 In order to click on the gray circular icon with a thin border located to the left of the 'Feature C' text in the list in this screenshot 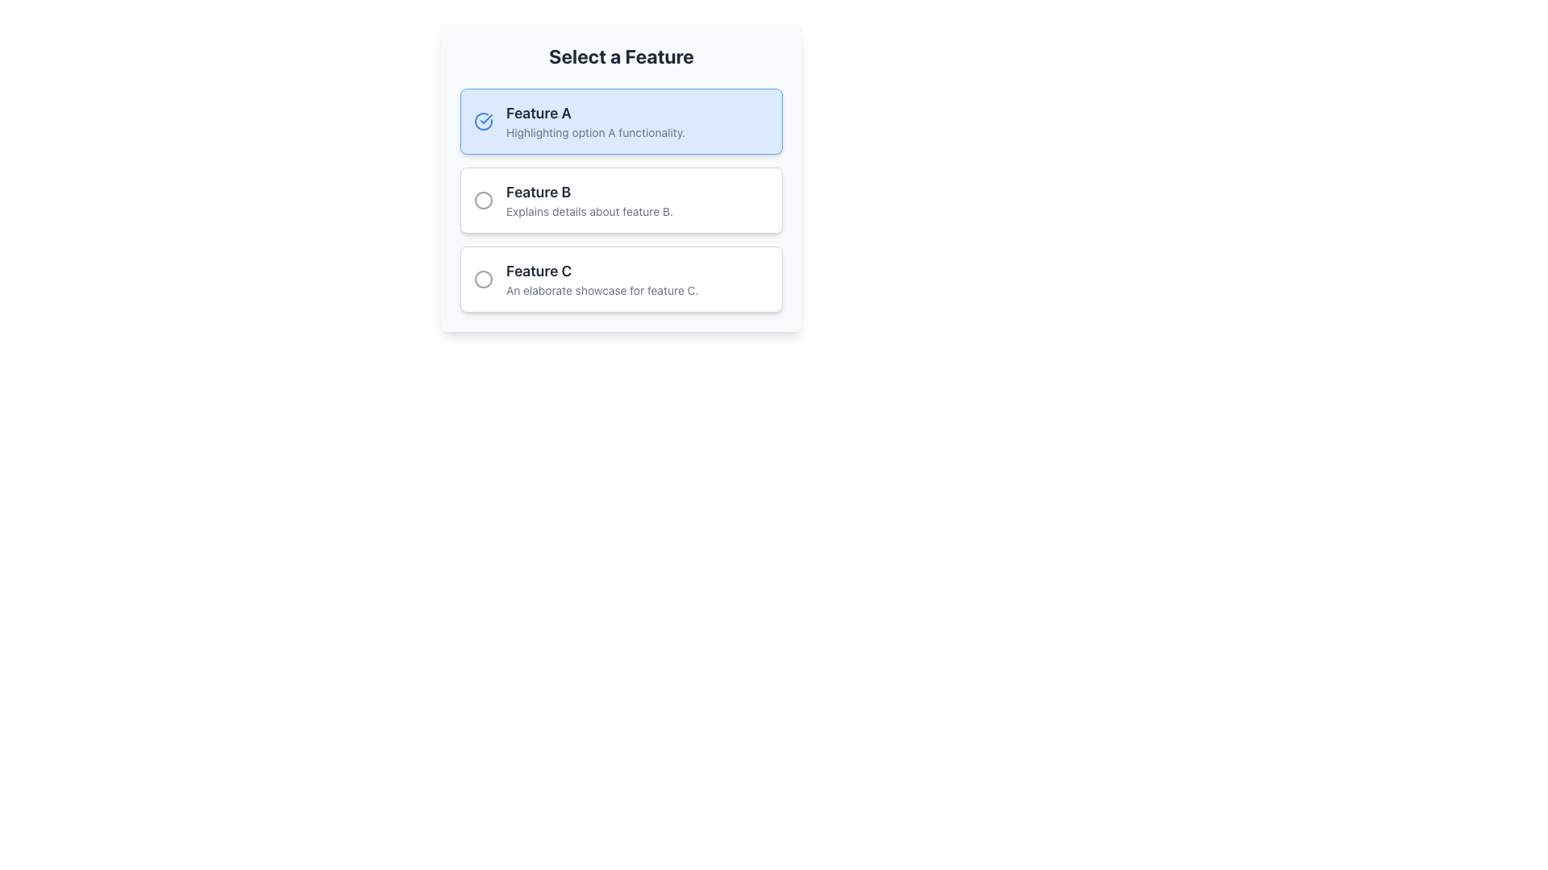, I will do `click(483, 279)`.